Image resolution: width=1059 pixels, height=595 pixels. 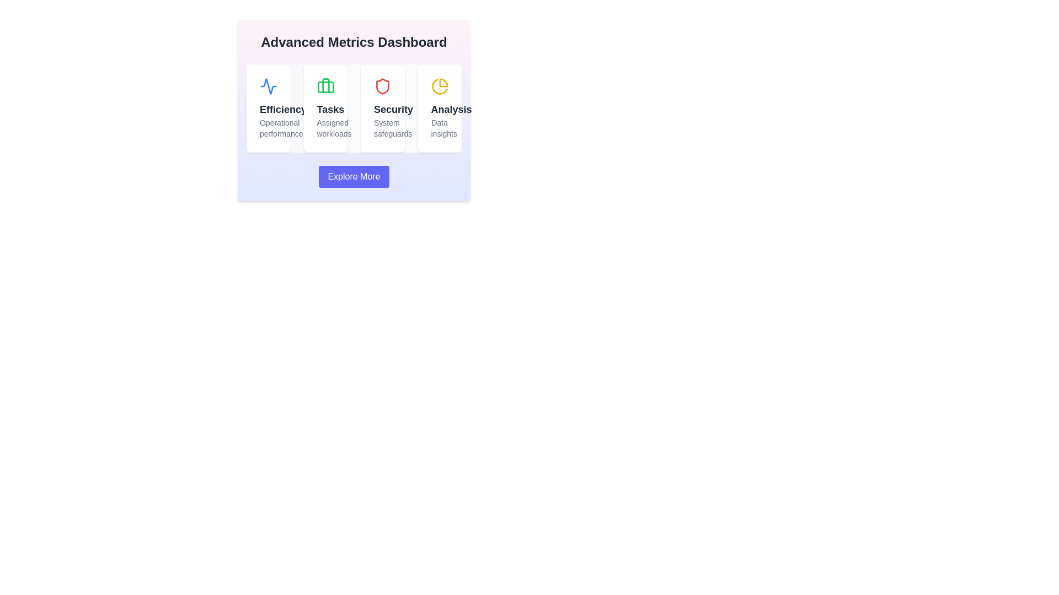 I want to click on the 'Analysis' icon located in the fourth card from the left in the second row of the dashboard, so click(x=439, y=86).